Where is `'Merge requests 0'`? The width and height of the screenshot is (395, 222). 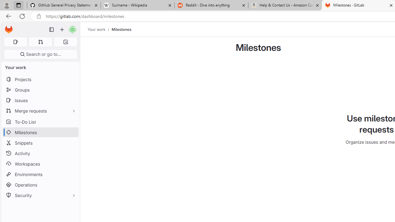
'Merge requests 0' is located at coordinates (40, 42).